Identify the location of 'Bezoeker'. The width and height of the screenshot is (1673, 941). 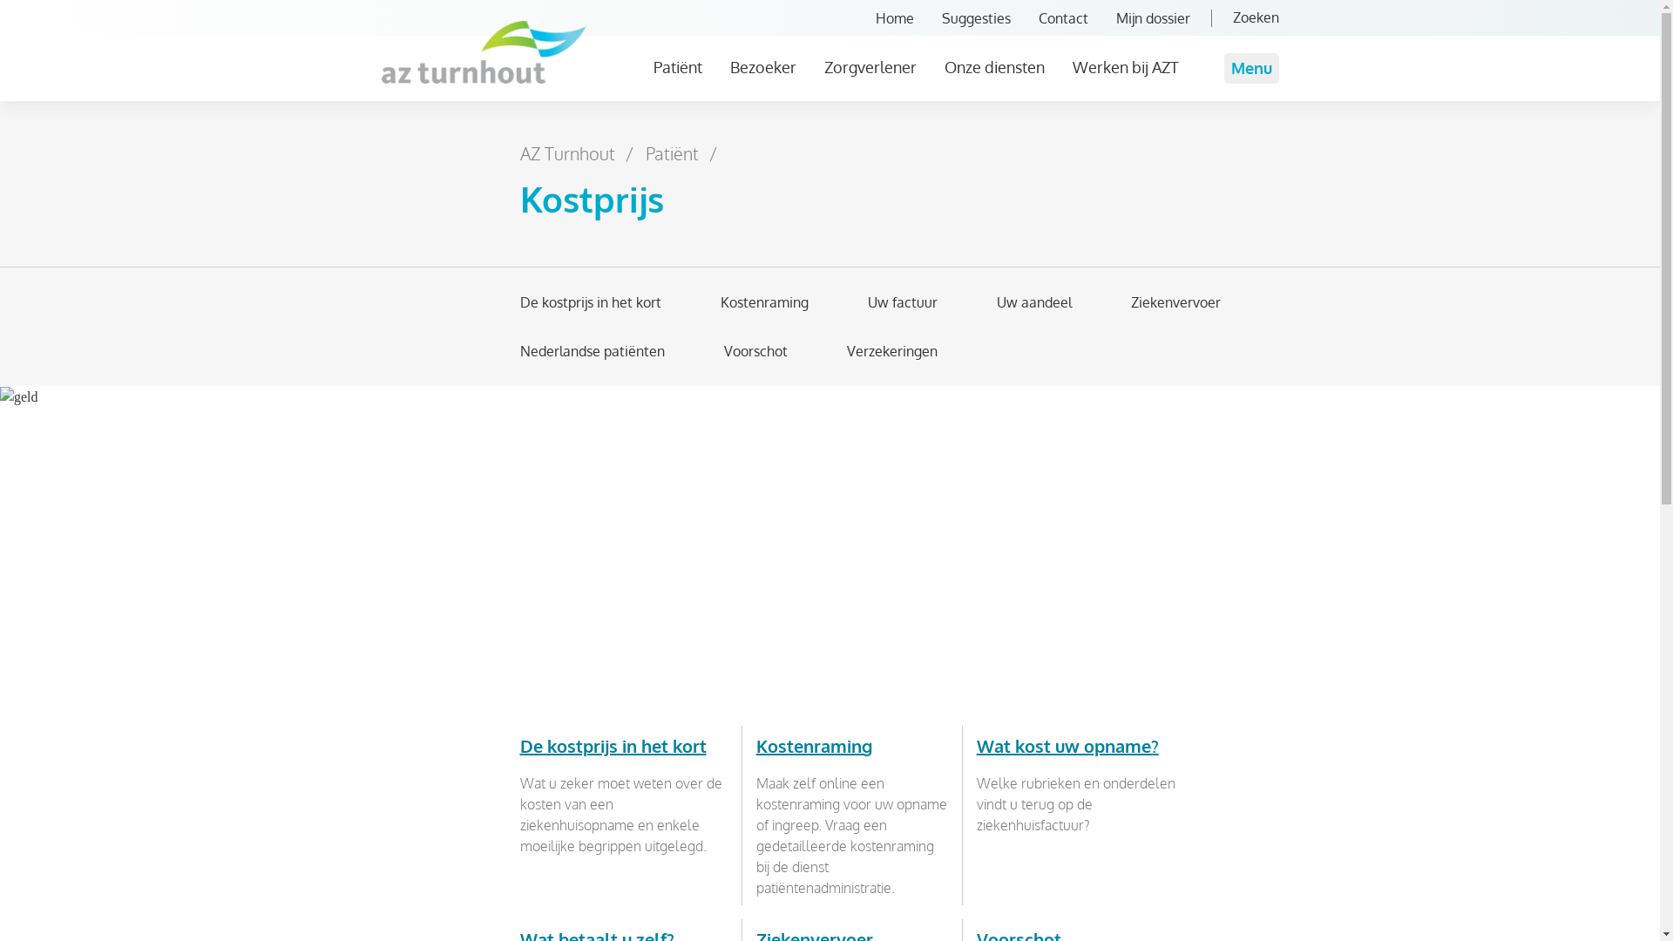
(762, 66).